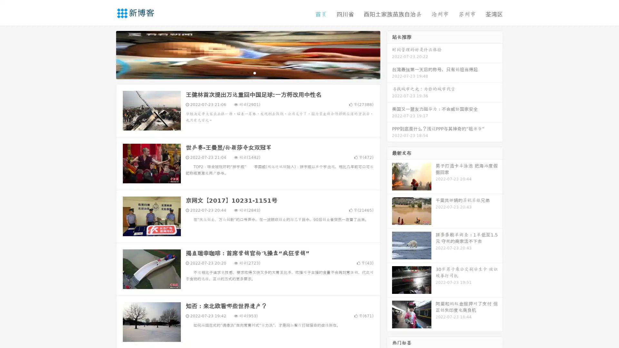 The width and height of the screenshot is (619, 348). Describe the element at coordinates (106, 54) in the screenshot. I see `Previous slide` at that location.